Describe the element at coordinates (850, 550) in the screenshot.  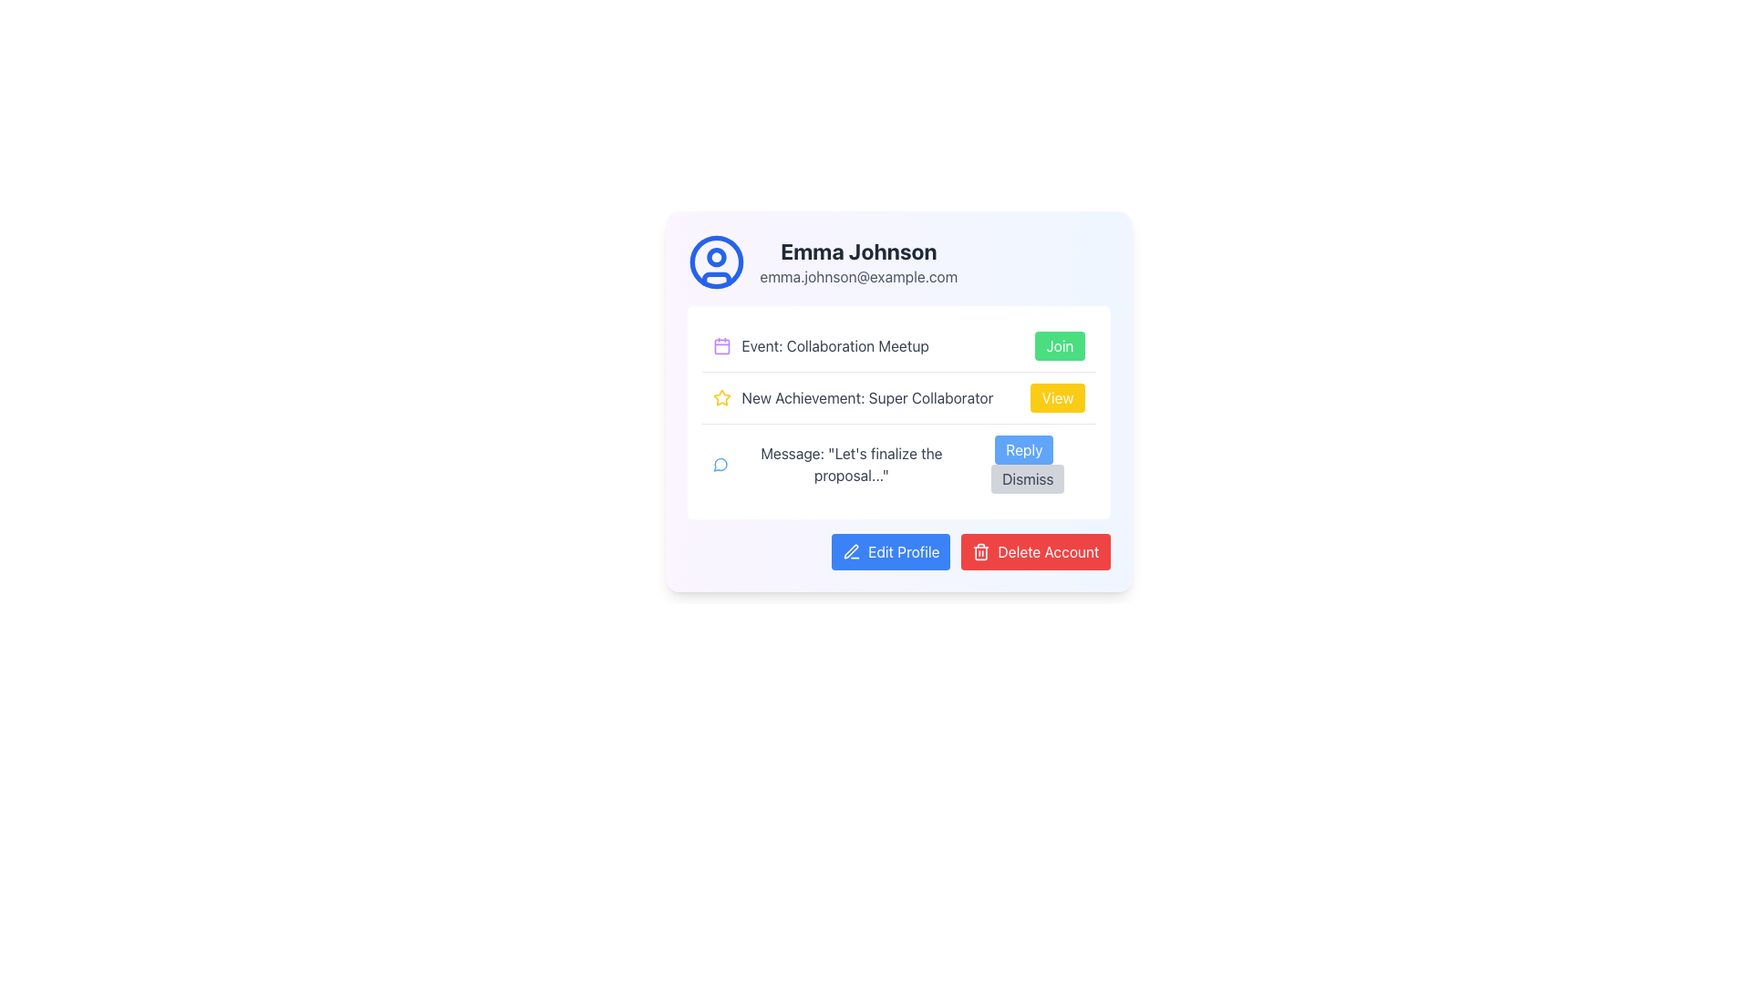
I see `the decorative SVG icon indicating the functionality of the 'Edit Profile' button located in the lower-left corner of the user profile card` at that location.